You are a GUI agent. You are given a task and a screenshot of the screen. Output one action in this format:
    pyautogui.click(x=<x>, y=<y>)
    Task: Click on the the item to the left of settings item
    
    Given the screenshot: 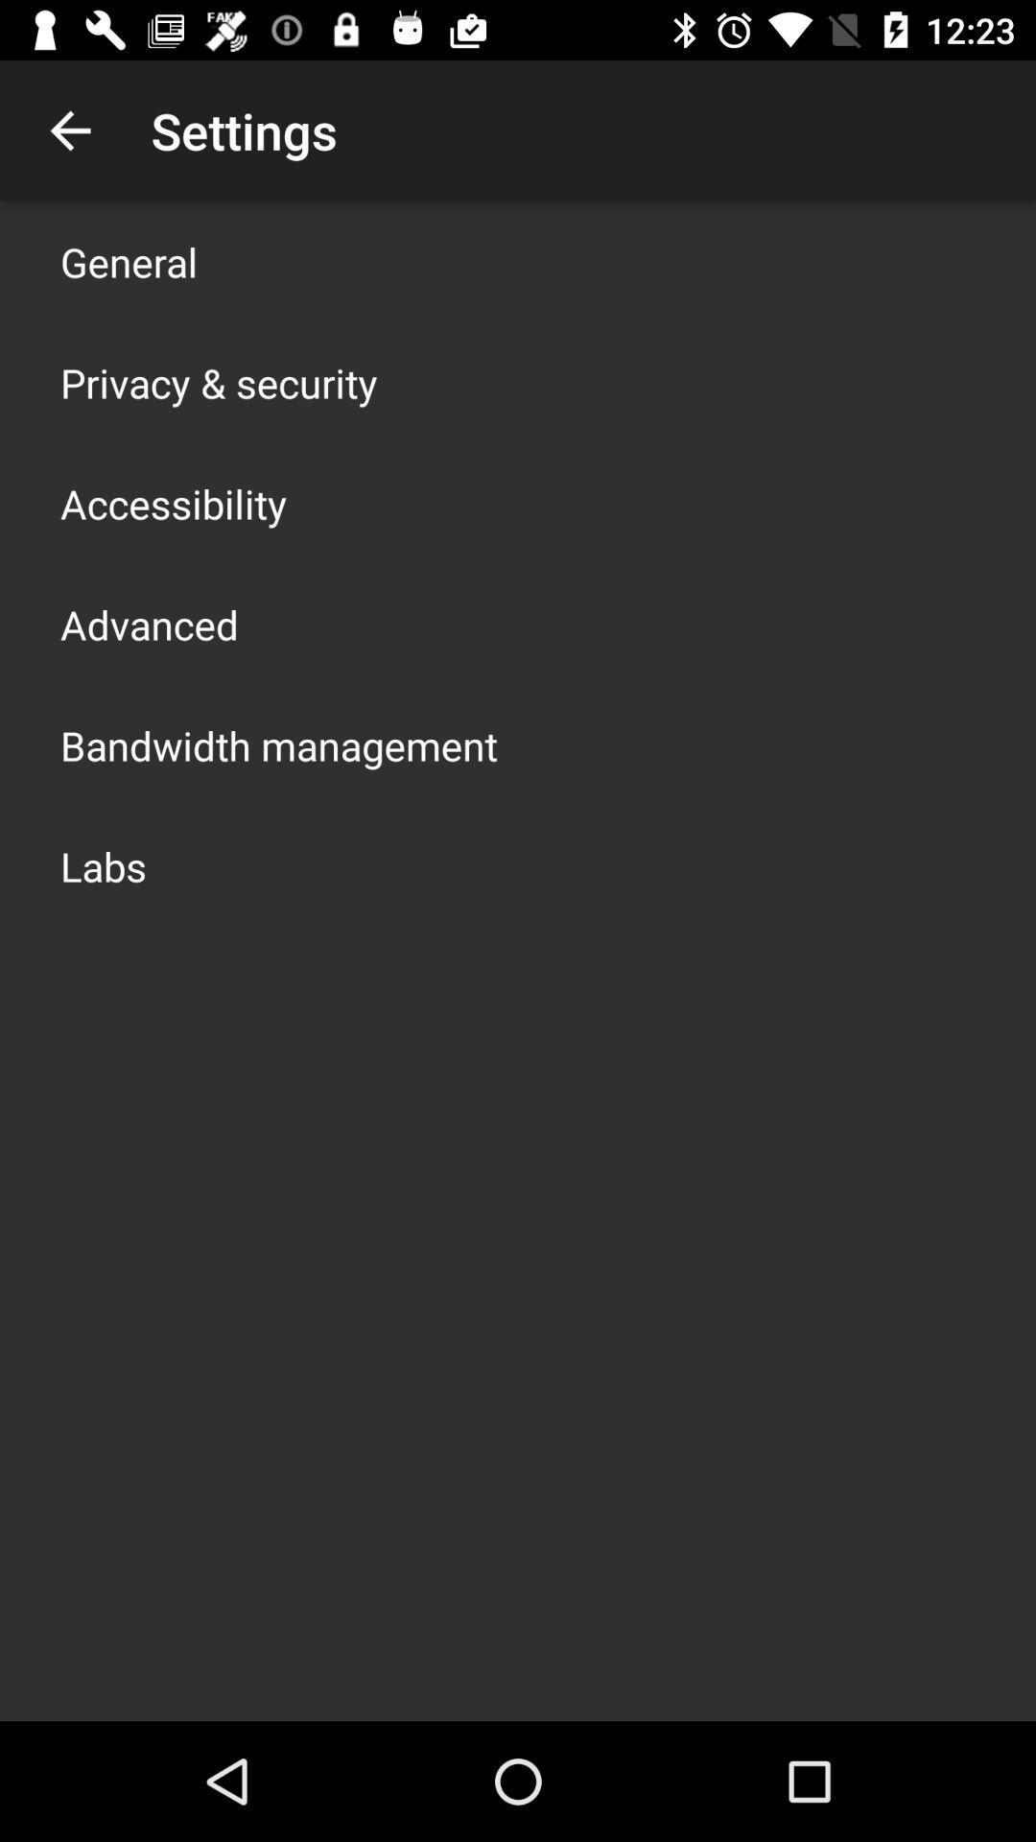 What is the action you would take?
    pyautogui.click(x=69, y=130)
    